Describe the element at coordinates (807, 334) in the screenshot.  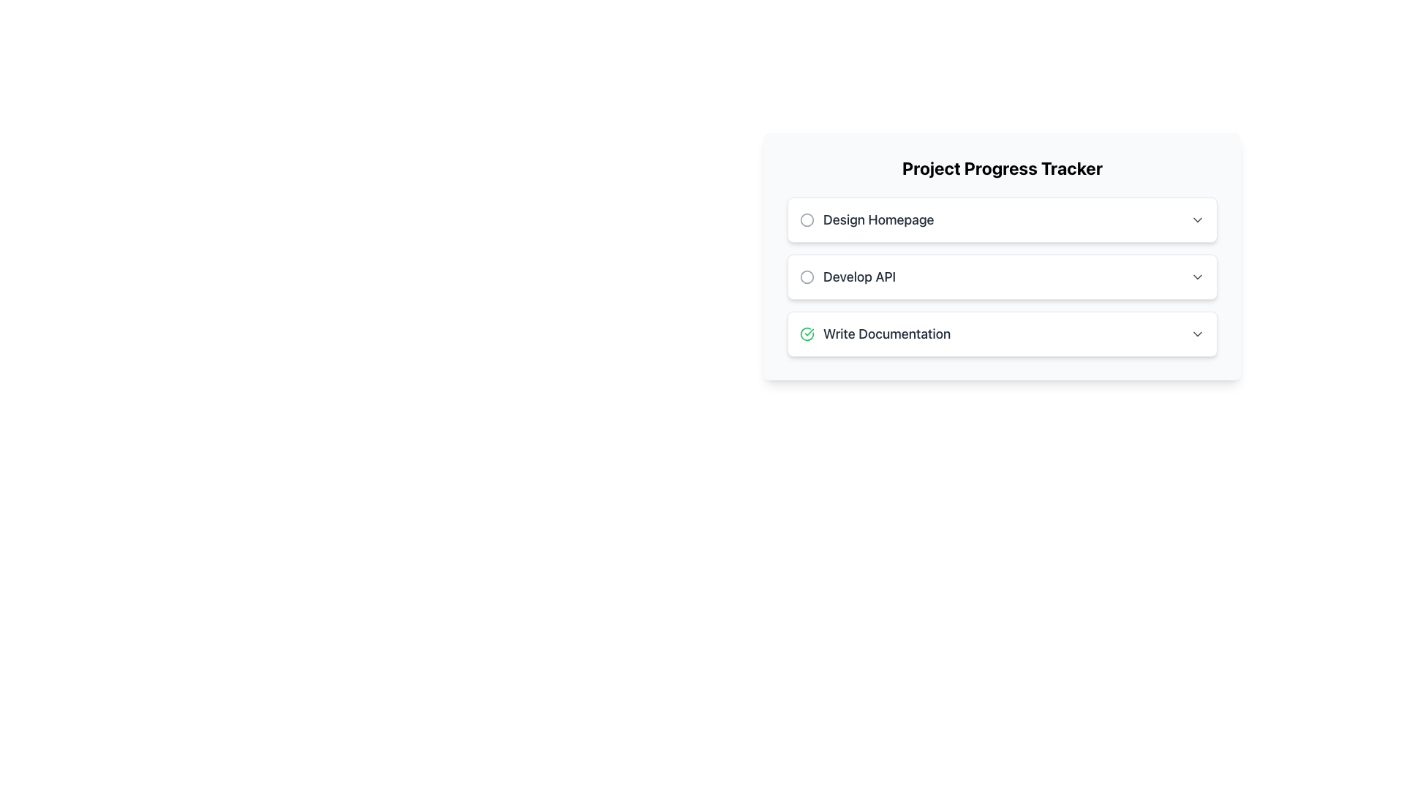
I see `the completion indicator icon located to the left of the 'Write Documentation' text` at that location.